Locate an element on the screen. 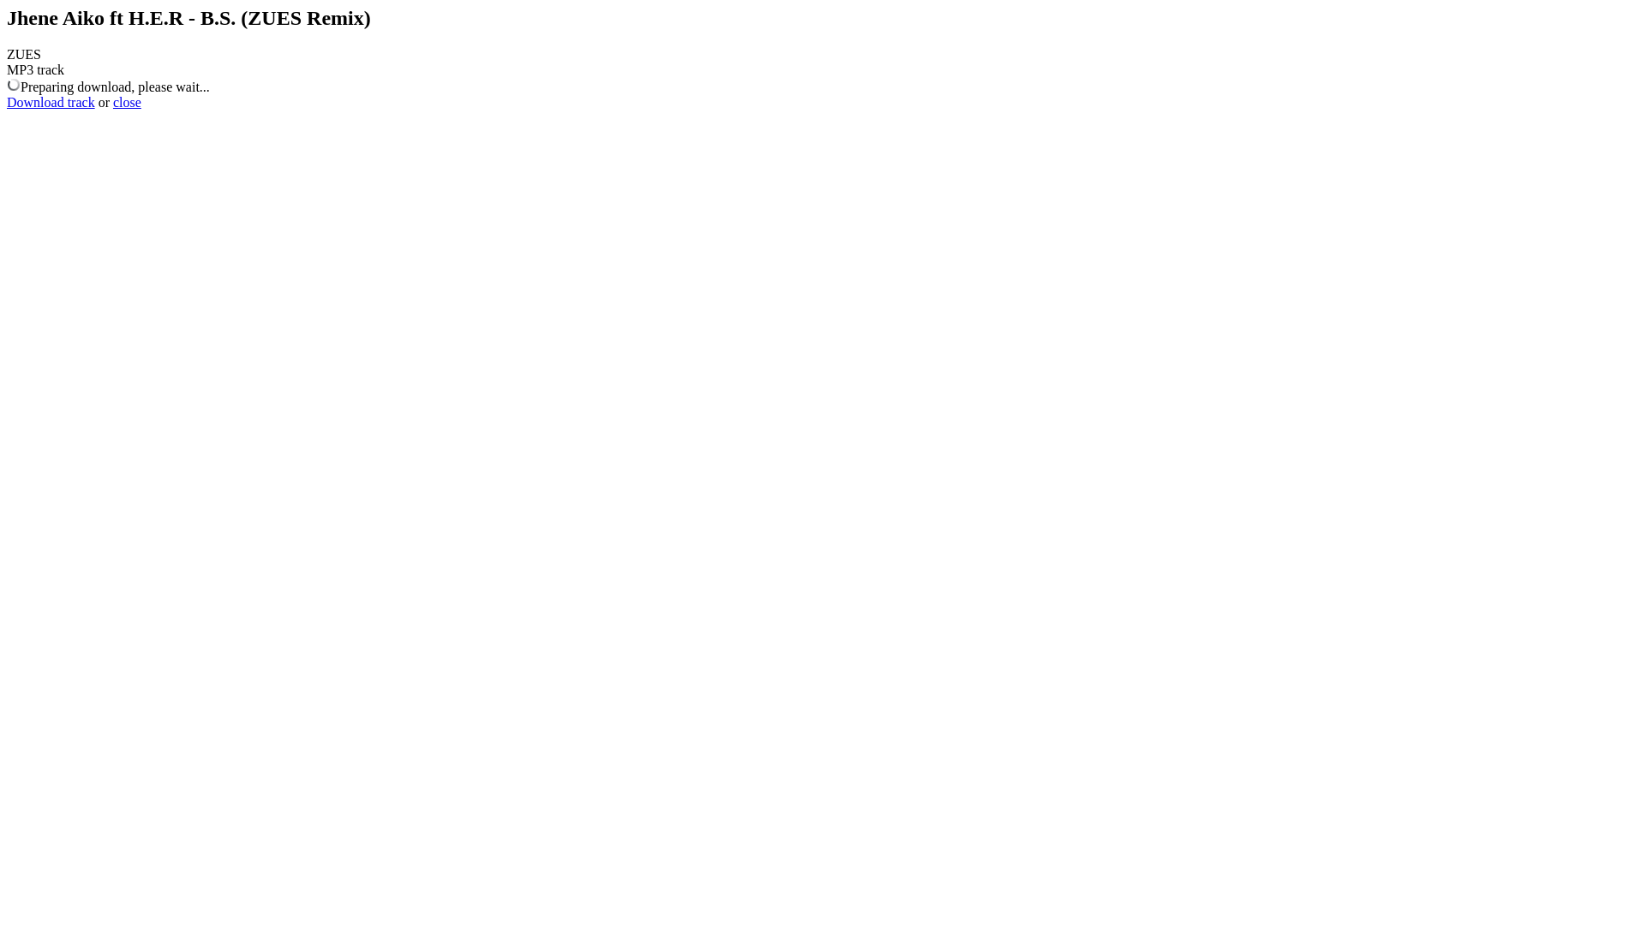  'close' is located at coordinates (112, 102).